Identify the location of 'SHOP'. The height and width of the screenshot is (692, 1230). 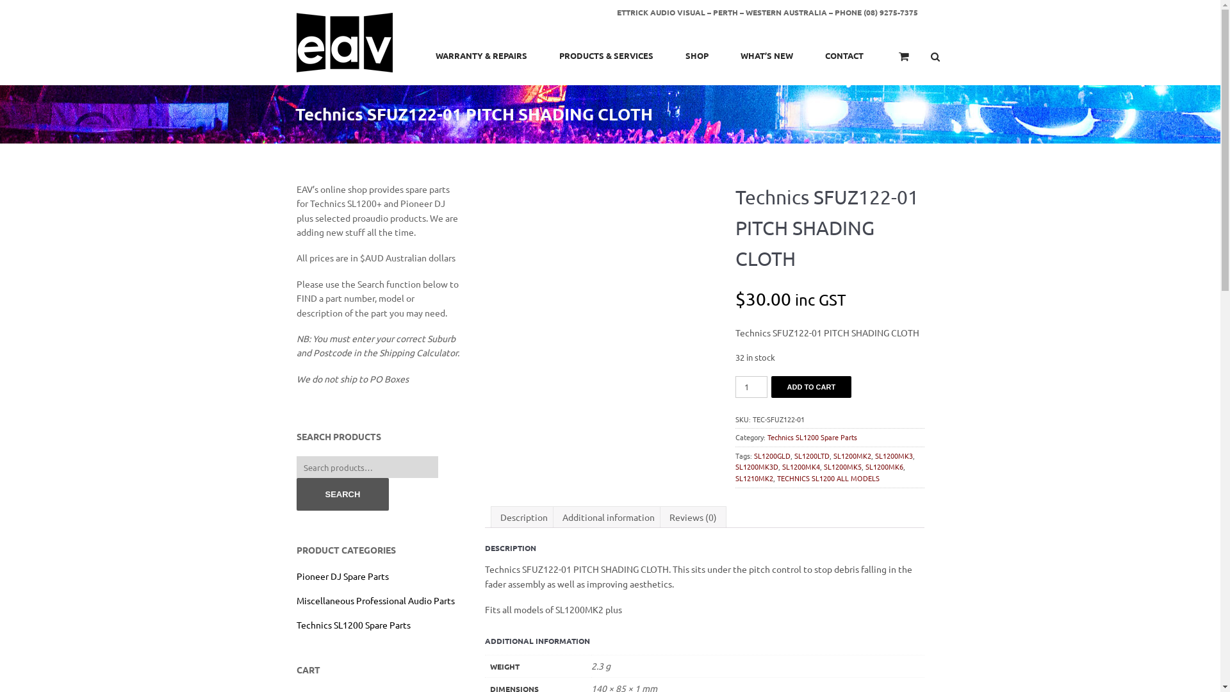
(668, 54).